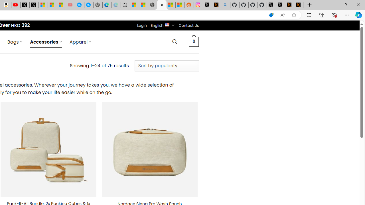 The image size is (365, 205). I want to click on 'Login', so click(142, 25).